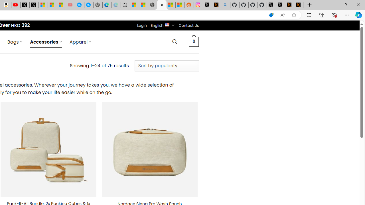 The image size is (365, 205). I want to click on 'Login', so click(142, 25).